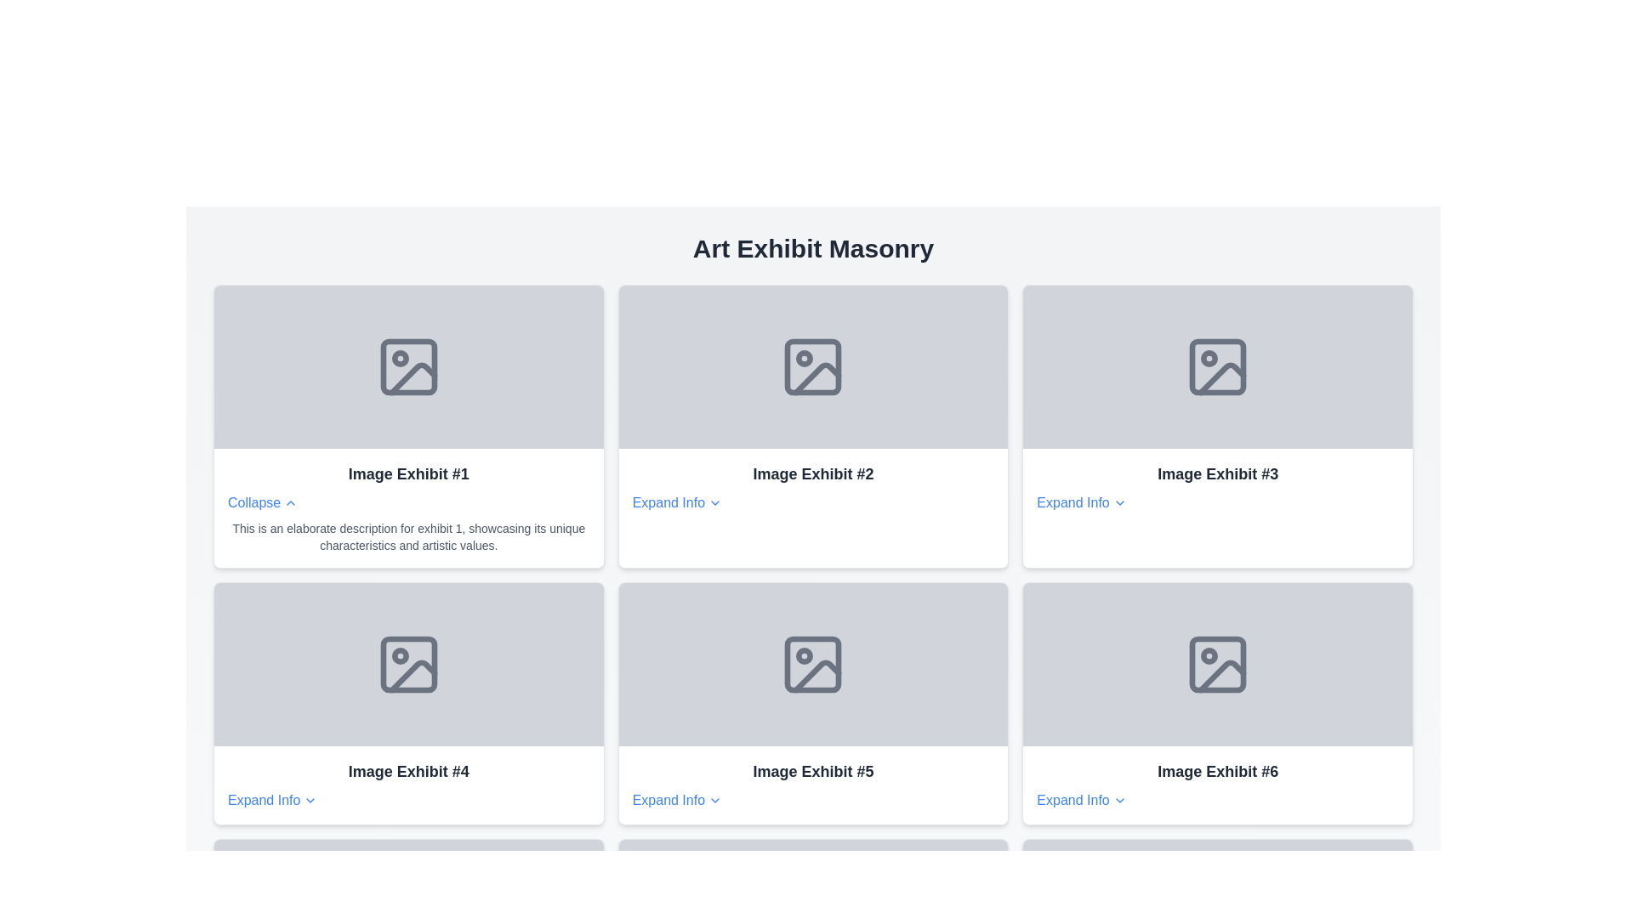 This screenshot has width=1633, height=918. What do you see at coordinates (804, 654) in the screenshot?
I see `the circular visual element inside the photo icon of the 'Image Exhibit #5' card, which is the second card in the second row of the exhibit grid layout` at bounding box center [804, 654].